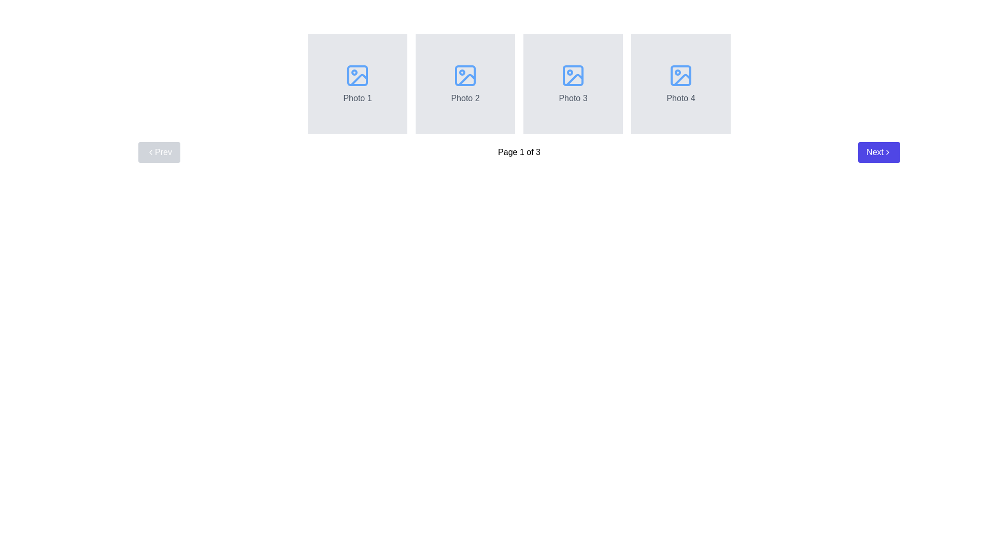  What do you see at coordinates (159, 152) in the screenshot?
I see `the 'Prev' button which is styled with rounded corners, labeled in white text on a gray background, and has a left-pointing arrow icon` at bounding box center [159, 152].